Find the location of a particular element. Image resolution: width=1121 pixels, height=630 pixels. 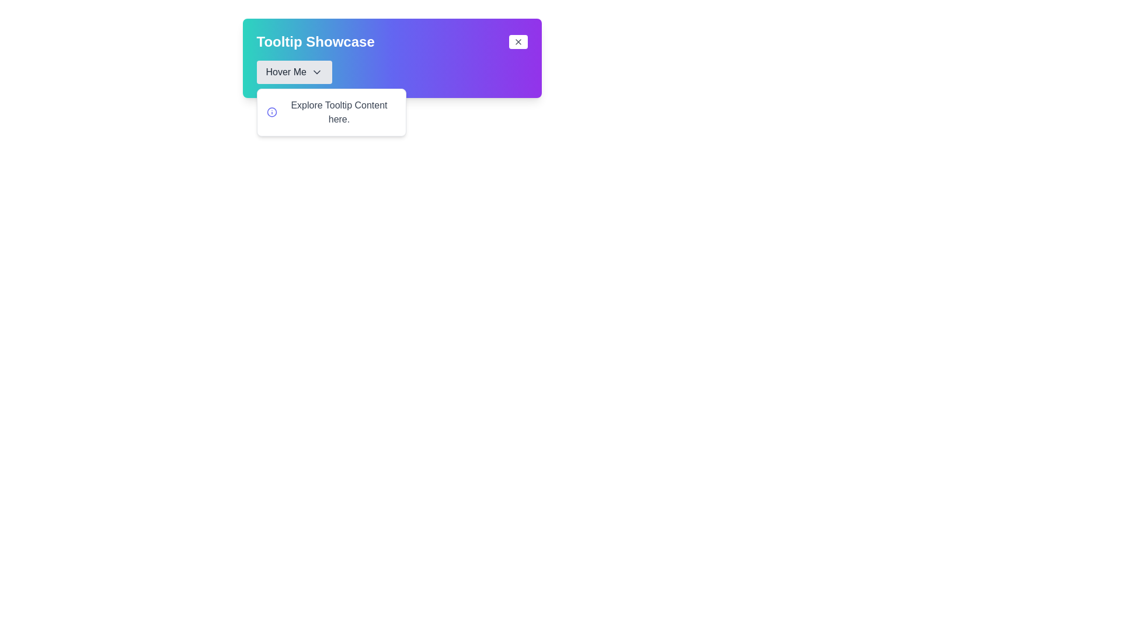

the tooltip displayed below the 'Hover Me' button, which provides additional contextual information for the user is located at coordinates (330, 112).